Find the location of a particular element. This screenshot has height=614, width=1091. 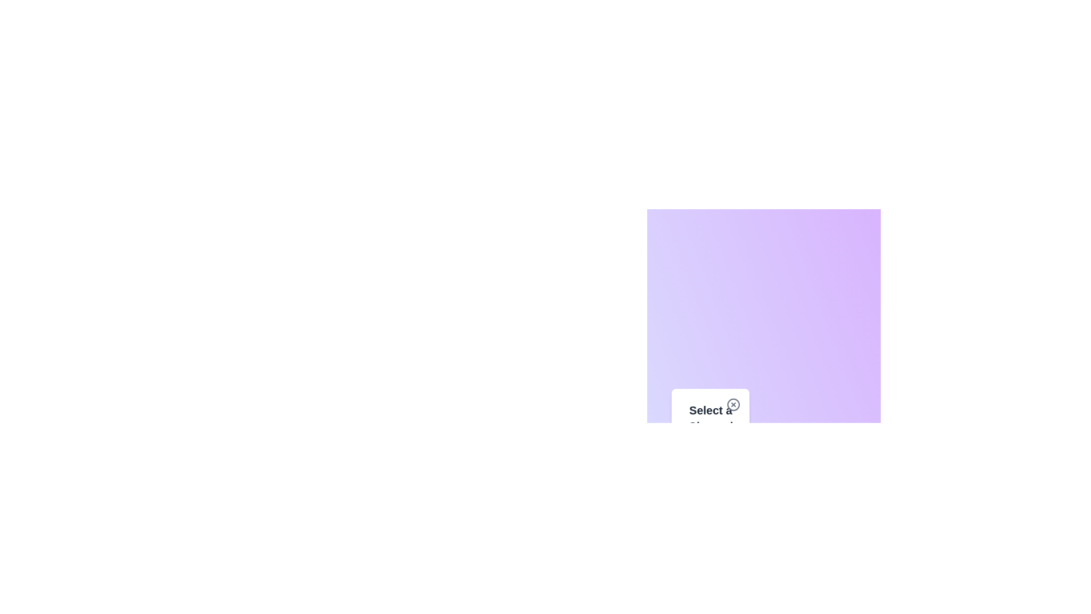

the circular icon button with an 'X' mark at its center, located at the top-right corner of the dialog box, to observe style changes is located at coordinates (734, 404).